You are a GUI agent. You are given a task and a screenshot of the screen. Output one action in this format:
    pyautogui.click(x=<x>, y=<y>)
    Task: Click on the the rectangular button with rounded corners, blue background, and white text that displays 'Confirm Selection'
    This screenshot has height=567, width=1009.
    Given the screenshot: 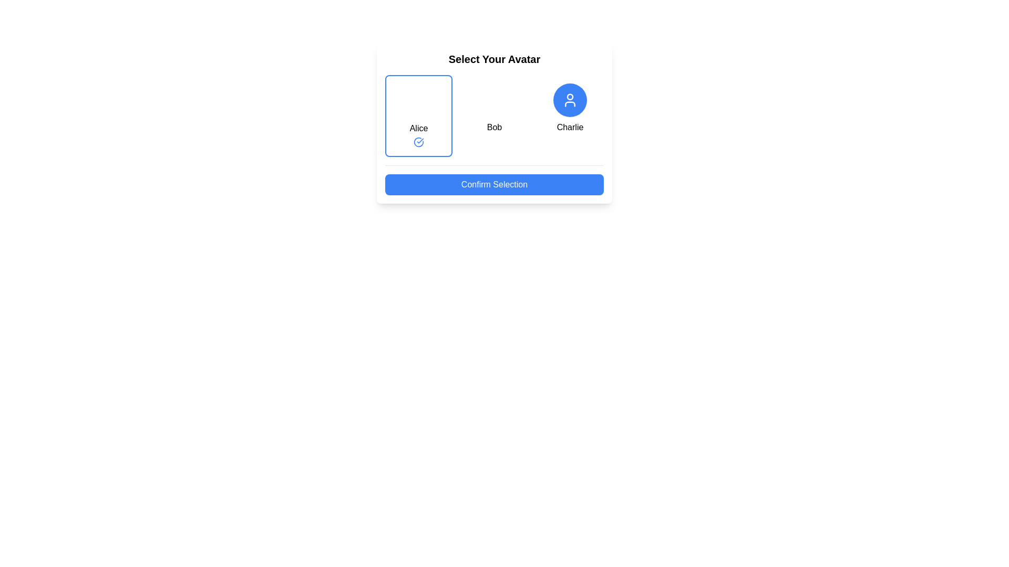 What is the action you would take?
    pyautogui.click(x=493, y=180)
    